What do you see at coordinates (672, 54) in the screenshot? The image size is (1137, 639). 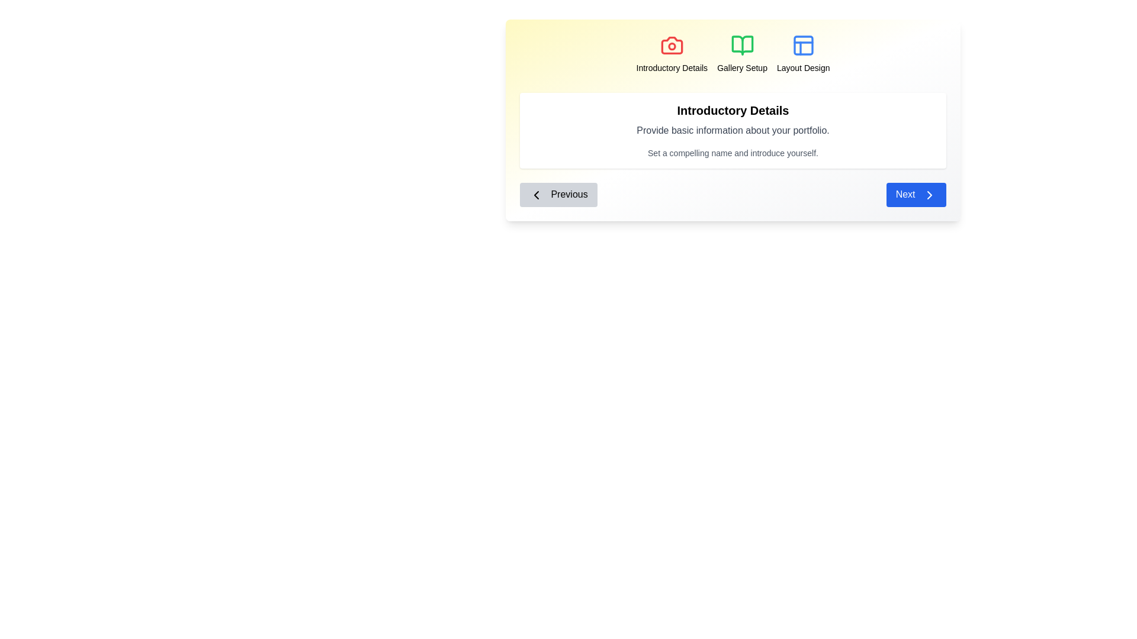 I see `the first selectable menu item or step indicator` at bounding box center [672, 54].